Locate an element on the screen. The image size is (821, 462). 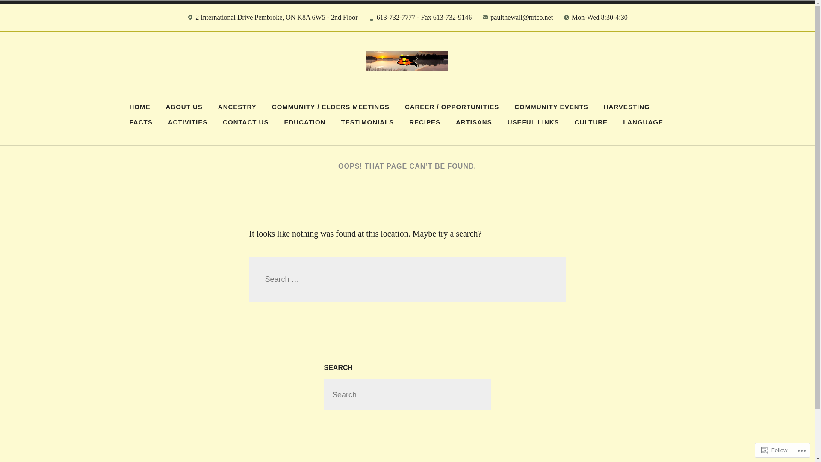
'HOME' is located at coordinates (140, 107).